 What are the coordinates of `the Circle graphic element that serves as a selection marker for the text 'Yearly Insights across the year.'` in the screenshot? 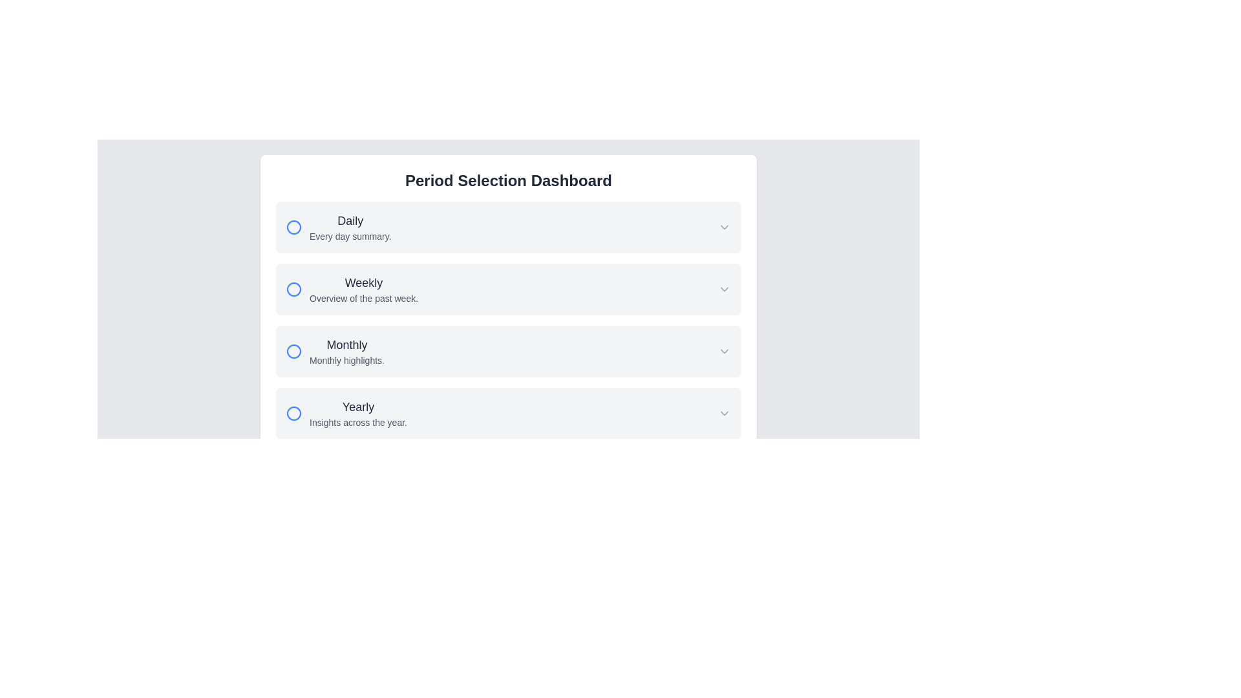 It's located at (293, 414).